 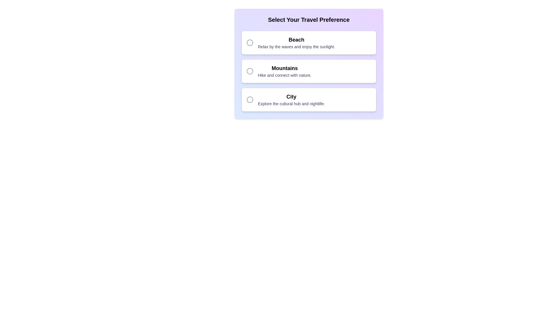 What do you see at coordinates (308, 99) in the screenshot?
I see `the selectable option labeled 'City' in the travel preferences list to possibly reveal additional information` at bounding box center [308, 99].